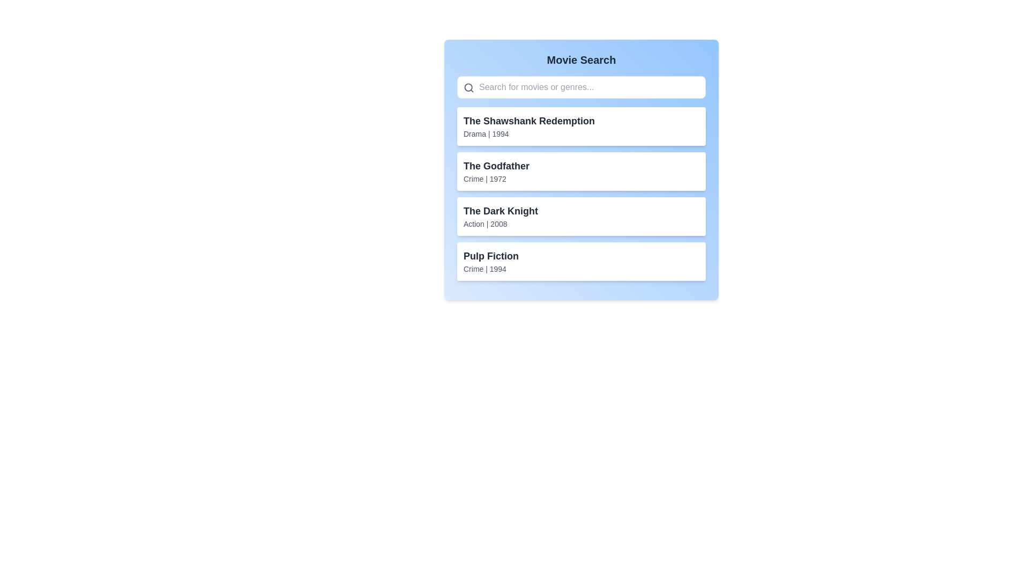  I want to click on information displayed in the text block for the movie 'Pulp Fiction', which includes the title, genre, and year, so click(490, 262).